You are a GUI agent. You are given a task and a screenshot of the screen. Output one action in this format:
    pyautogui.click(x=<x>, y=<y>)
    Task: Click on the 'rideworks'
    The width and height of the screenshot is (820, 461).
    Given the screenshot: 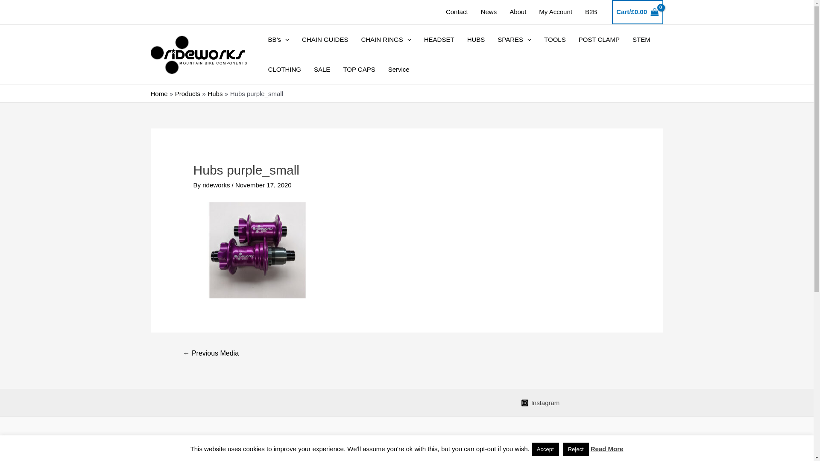 What is the action you would take?
    pyautogui.click(x=217, y=184)
    